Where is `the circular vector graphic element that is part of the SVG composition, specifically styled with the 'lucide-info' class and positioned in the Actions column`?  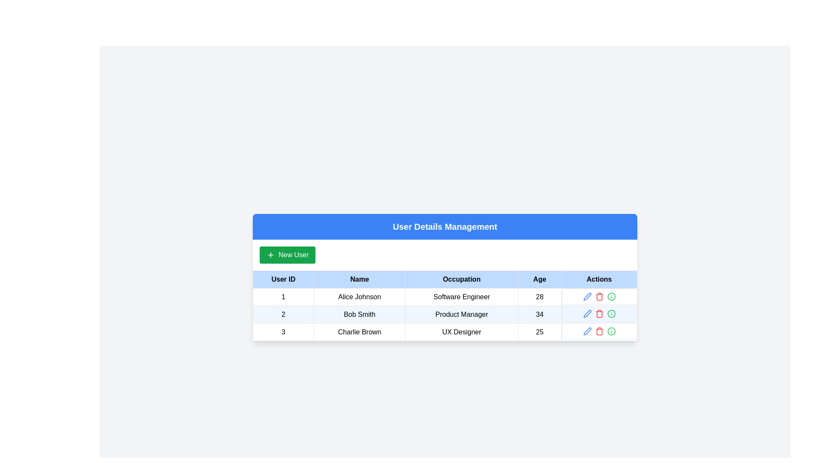 the circular vector graphic element that is part of the SVG composition, specifically styled with the 'lucide-info' class and positioned in the Actions column is located at coordinates (611, 296).